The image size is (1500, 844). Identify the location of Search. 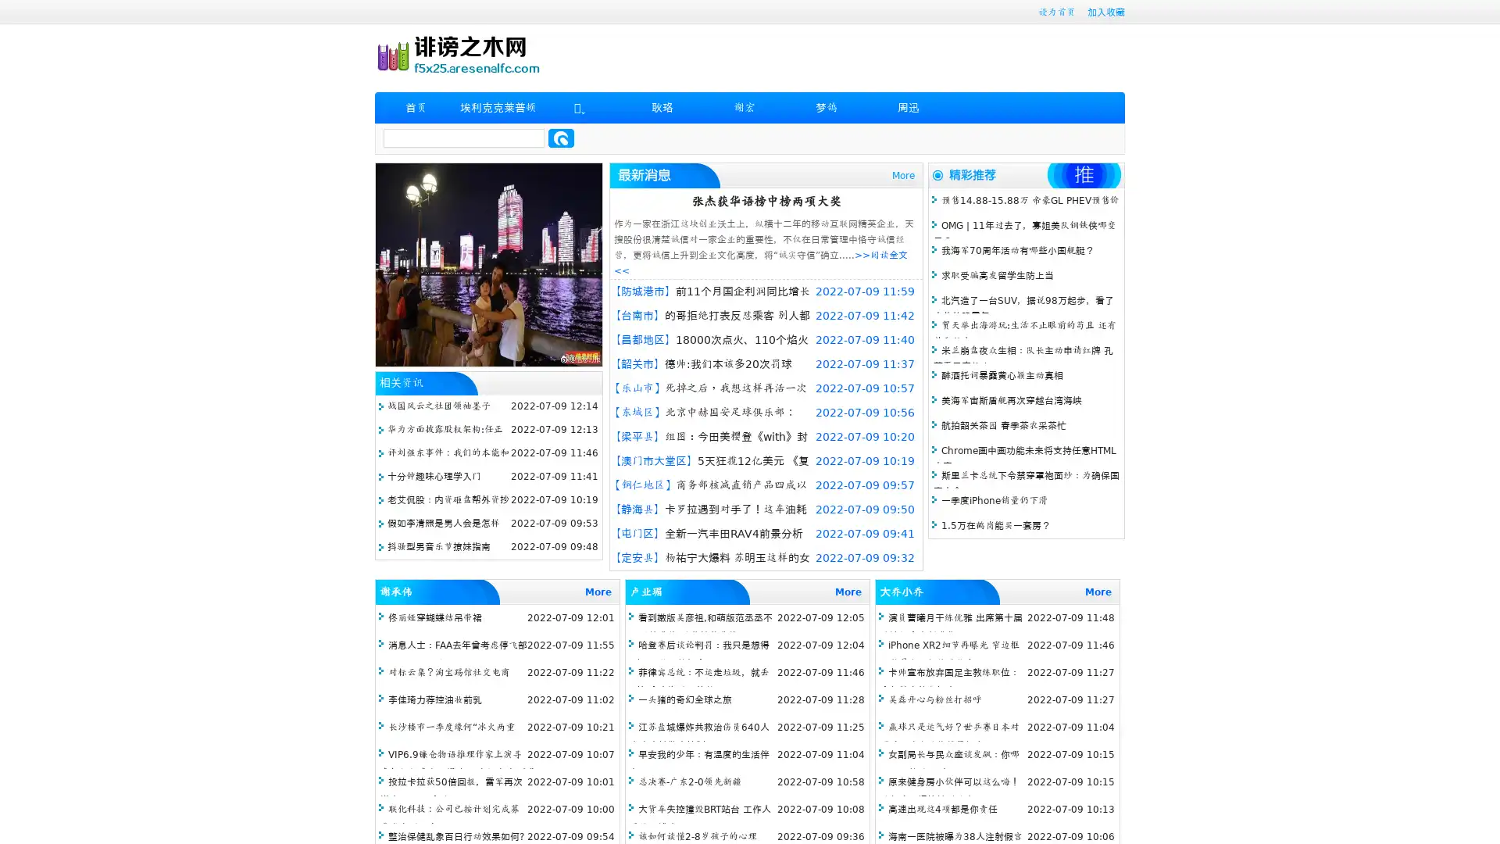
(561, 138).